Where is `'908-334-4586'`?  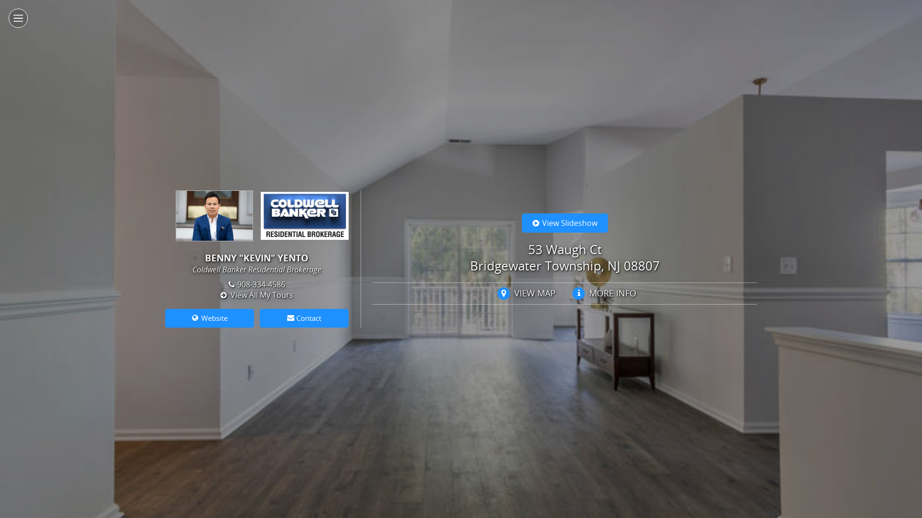 '908-334-4586' is located at coordinates (228, 284).